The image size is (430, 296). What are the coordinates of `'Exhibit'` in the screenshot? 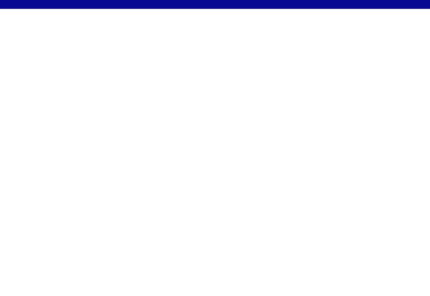 It's located at (161, 23).